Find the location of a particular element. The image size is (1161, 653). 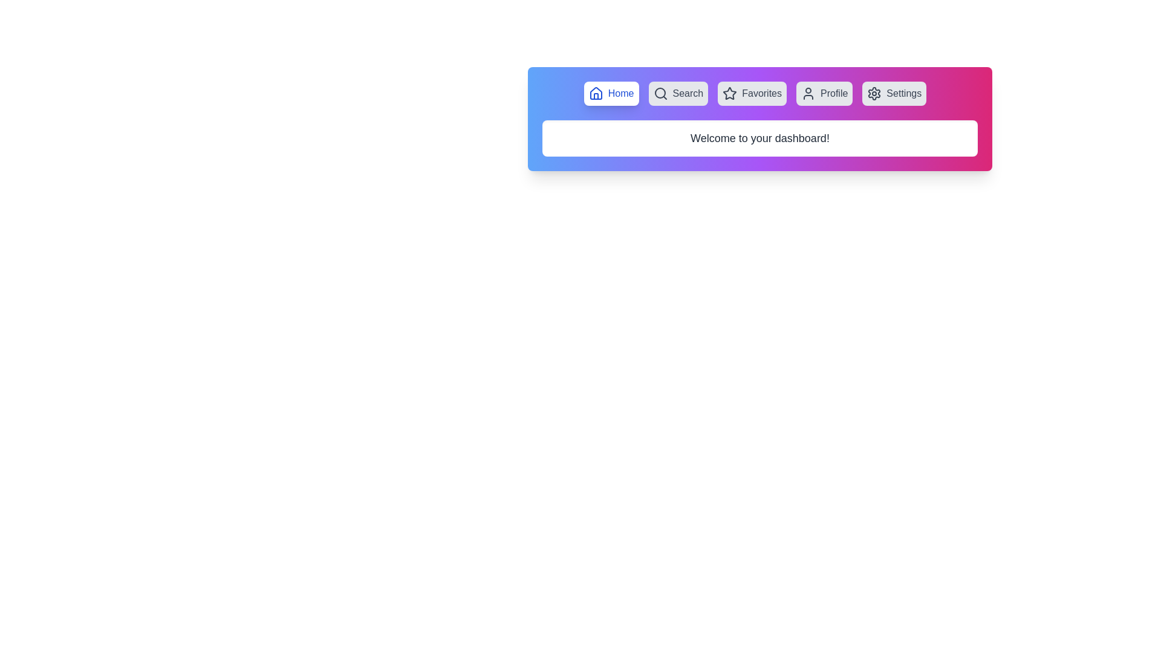

the 'Favorites' navigation button to visualize hover effects, which is the third button in a horizontal row of five at the top of the section is located at coordinates (759, 93).